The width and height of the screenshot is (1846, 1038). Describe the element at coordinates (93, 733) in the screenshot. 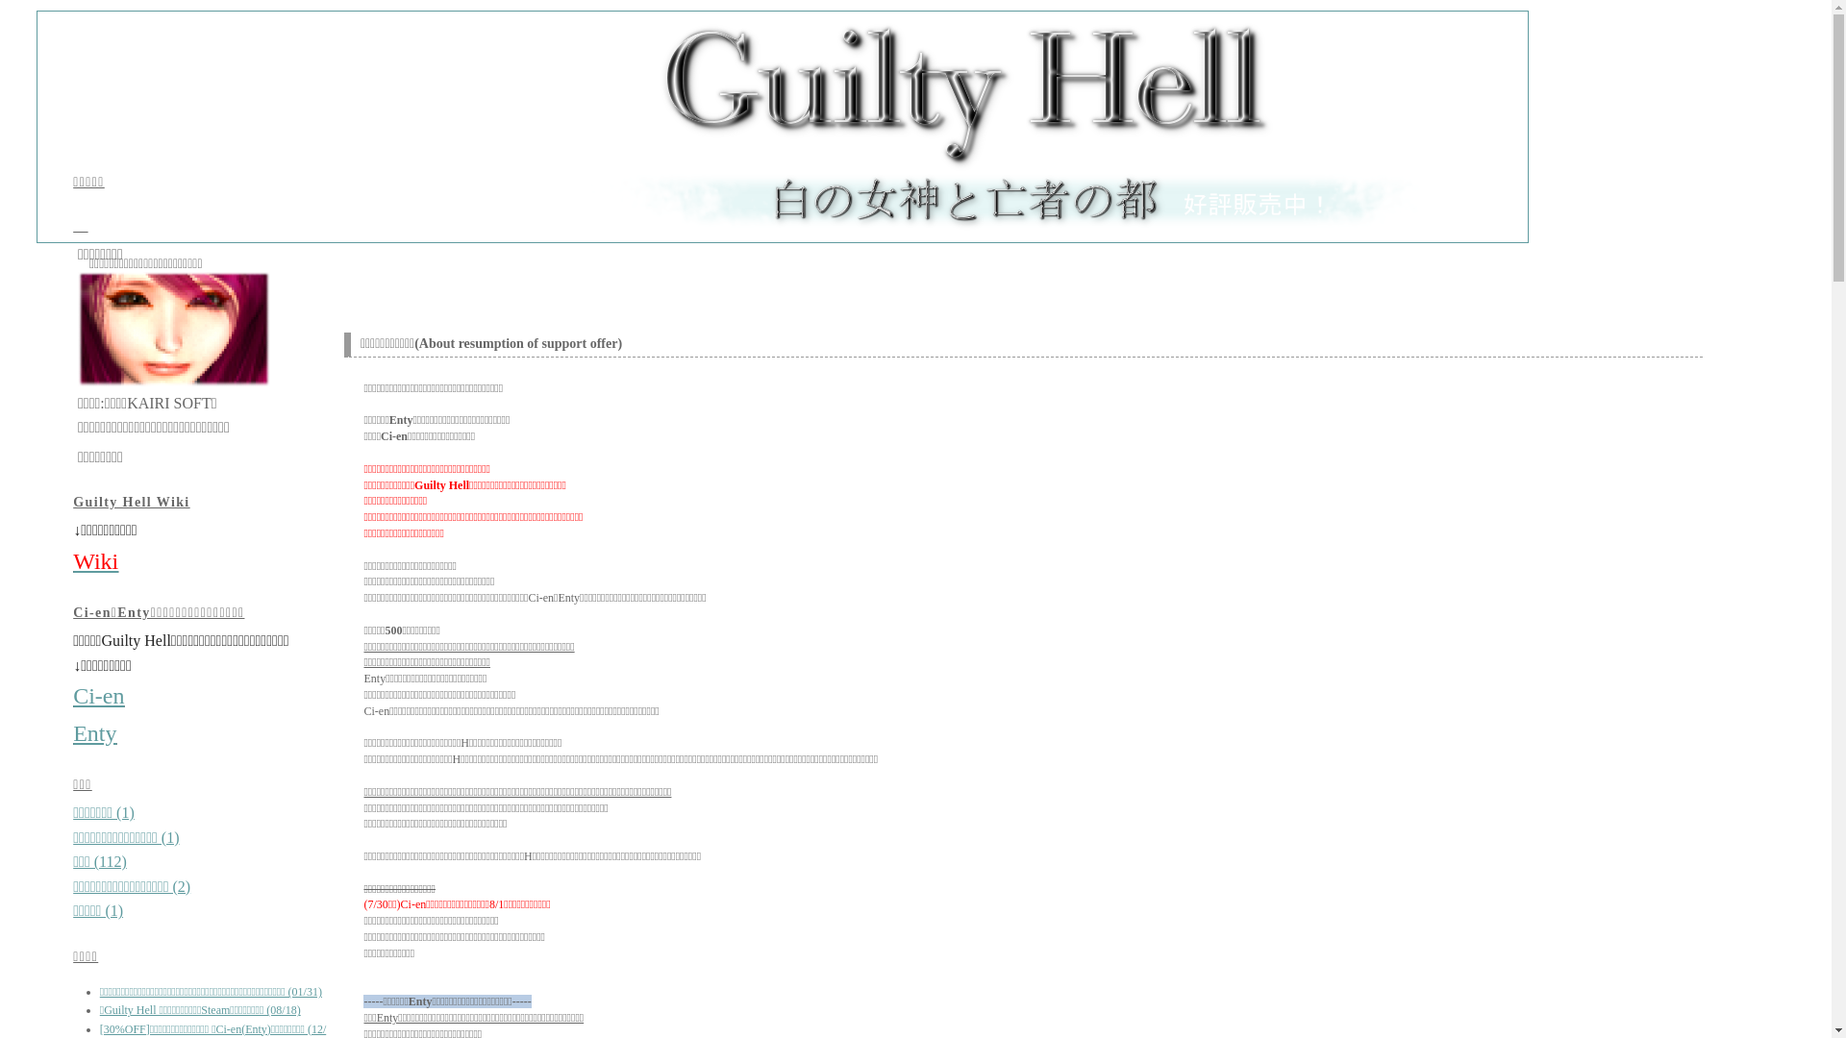

I see `'Enty'` at that location.